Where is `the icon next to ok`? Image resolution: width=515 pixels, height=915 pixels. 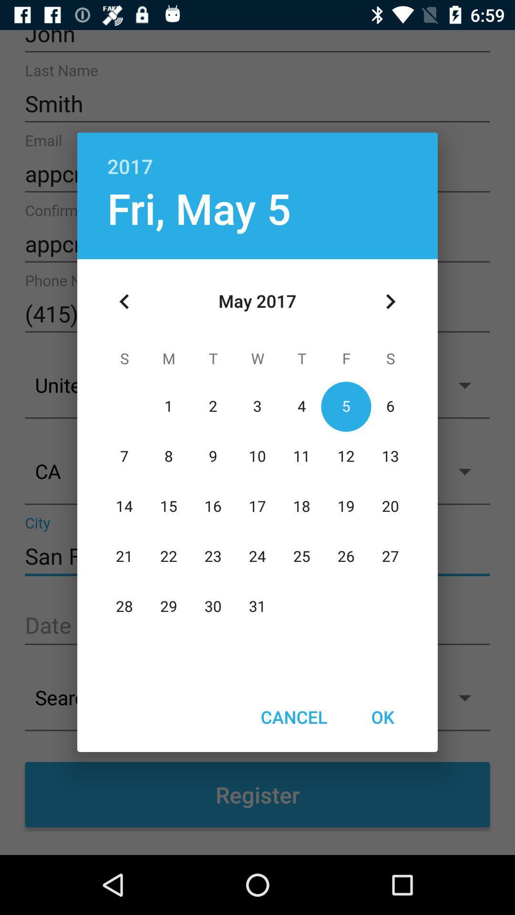 the icon next to ok is located at coordinates (293, 717).